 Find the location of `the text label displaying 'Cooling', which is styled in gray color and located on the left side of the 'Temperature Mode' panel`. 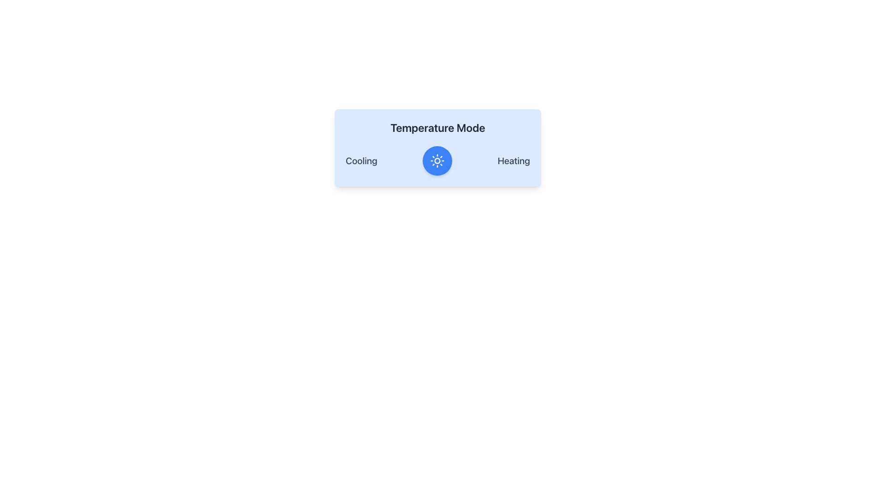

the text label displaying 'Cooling', which is styled in gray color and located on the left side of the 'Temperature Mode' panel is located at coordinates (361, 160).